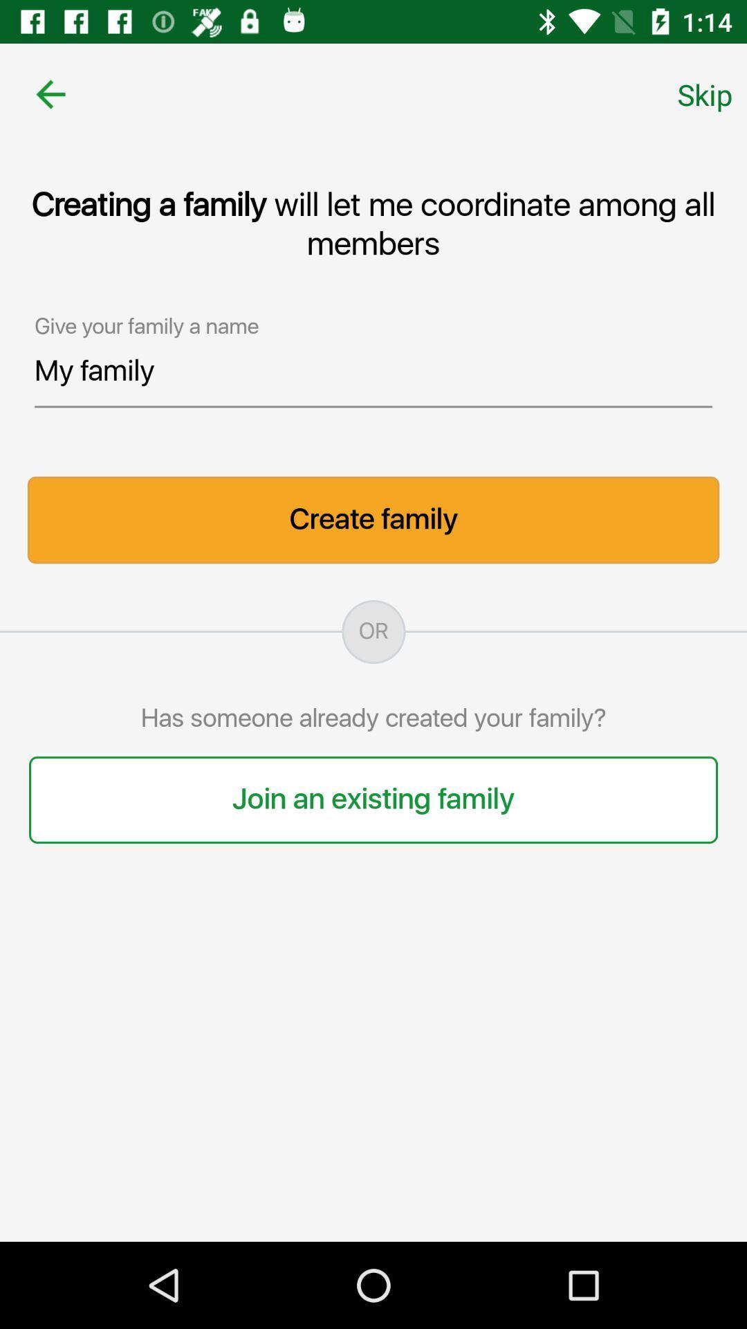 The height and width of the screenshot is (1329, 747). I want to click on item at the top left corner, so click(50, 93).